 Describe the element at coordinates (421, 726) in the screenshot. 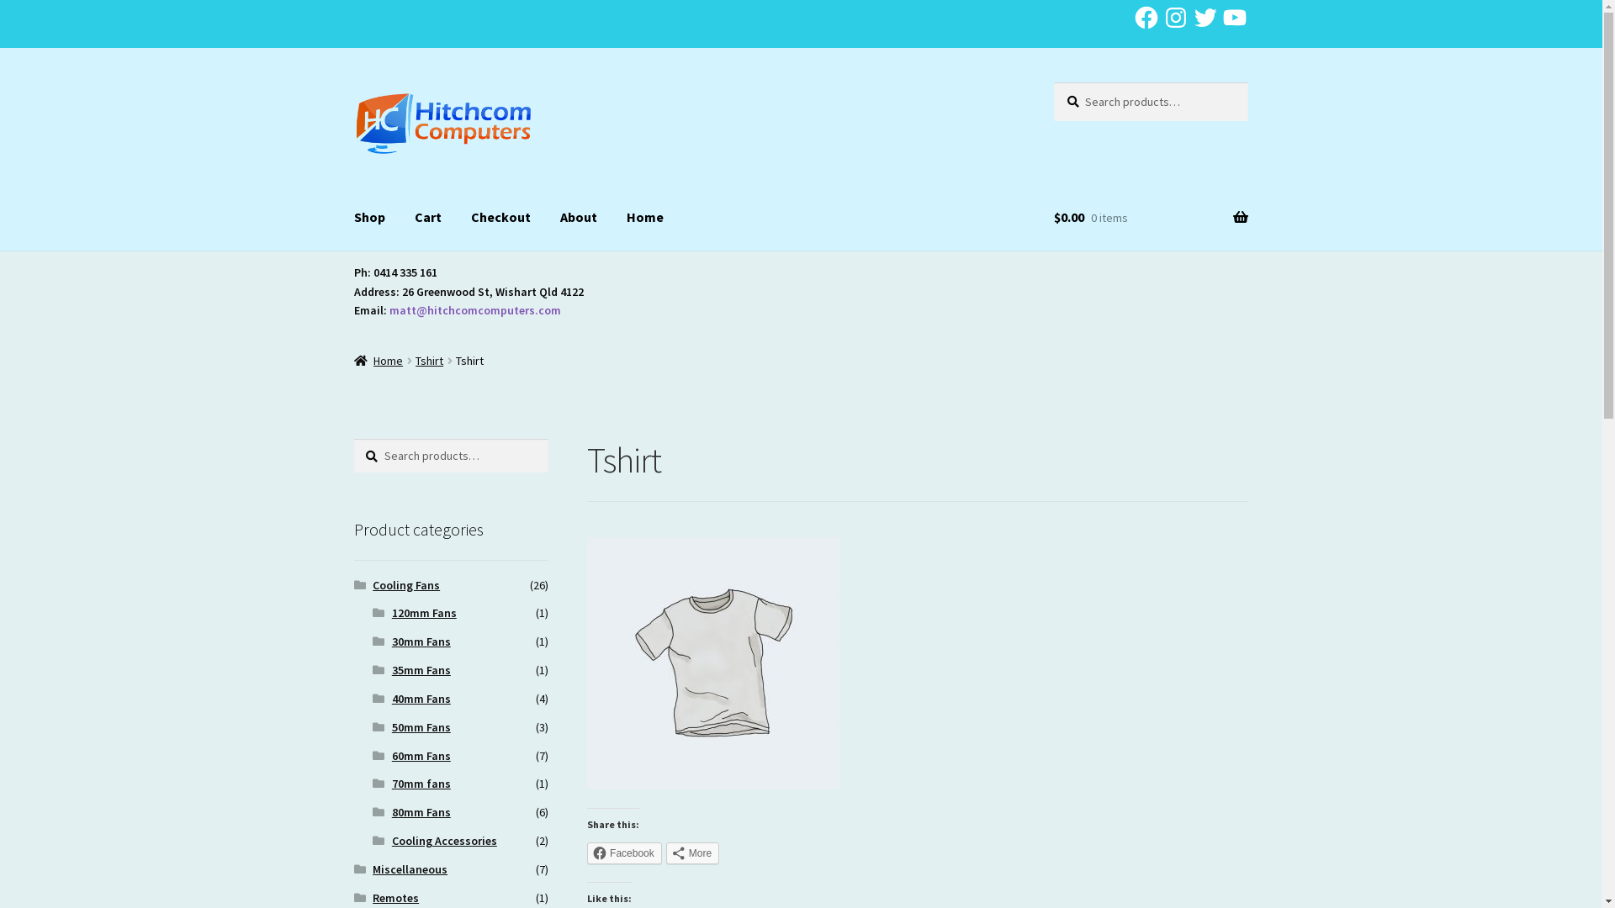

I see `'50mm Fans'` at that location.